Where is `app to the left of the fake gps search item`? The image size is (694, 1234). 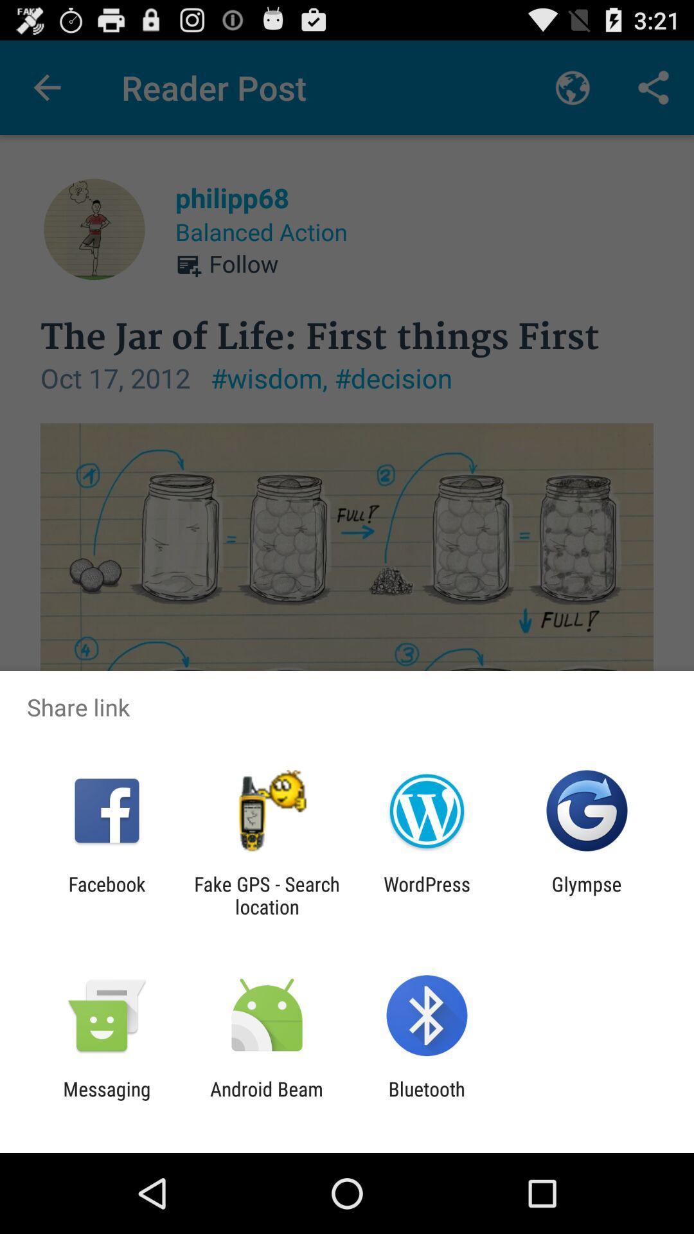 app to the left of the fake gps search item is located at coordinates (106, 895).